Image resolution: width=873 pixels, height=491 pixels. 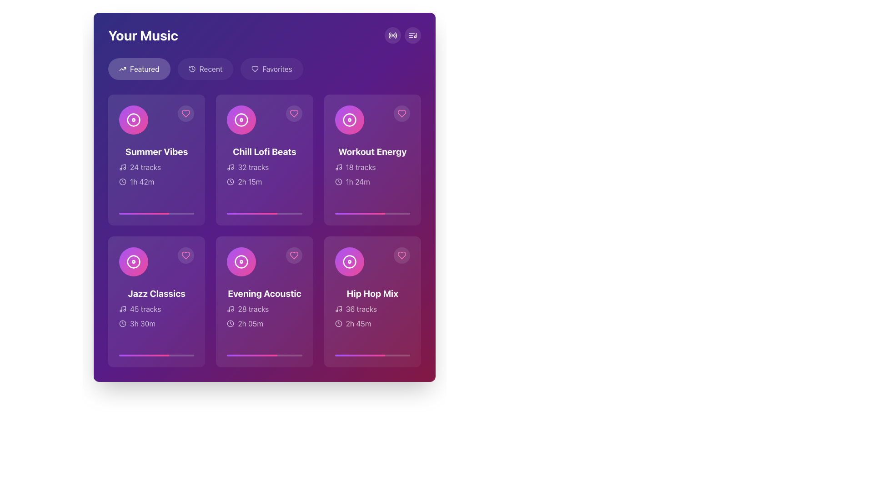 What do you see at coordinates (271, 68) in the screenshot?
I see `the heart-shaped 'Favorites' button` at bounding box center [271, 68].